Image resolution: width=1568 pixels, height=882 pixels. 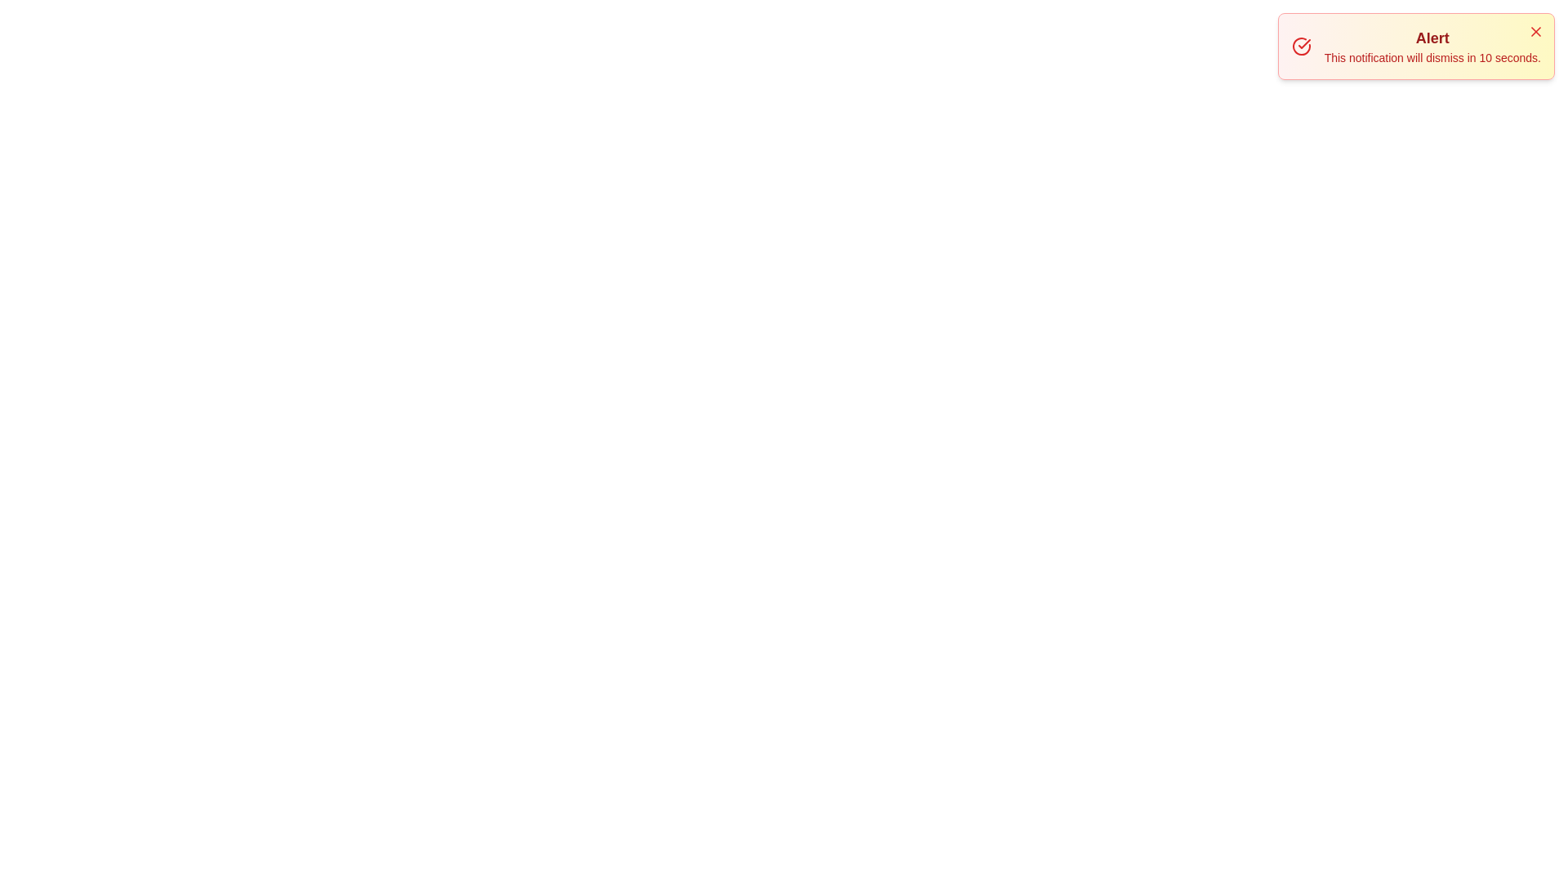 I want to click on the close button to dismiss the notification, so click(x=1535, y=31).